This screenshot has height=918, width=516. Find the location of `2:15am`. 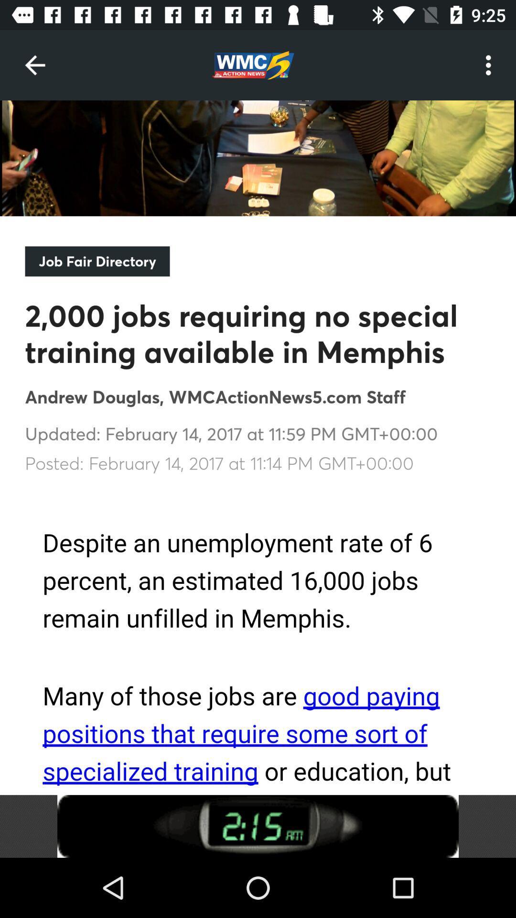

2:15am is located at coordinates (258, 826).